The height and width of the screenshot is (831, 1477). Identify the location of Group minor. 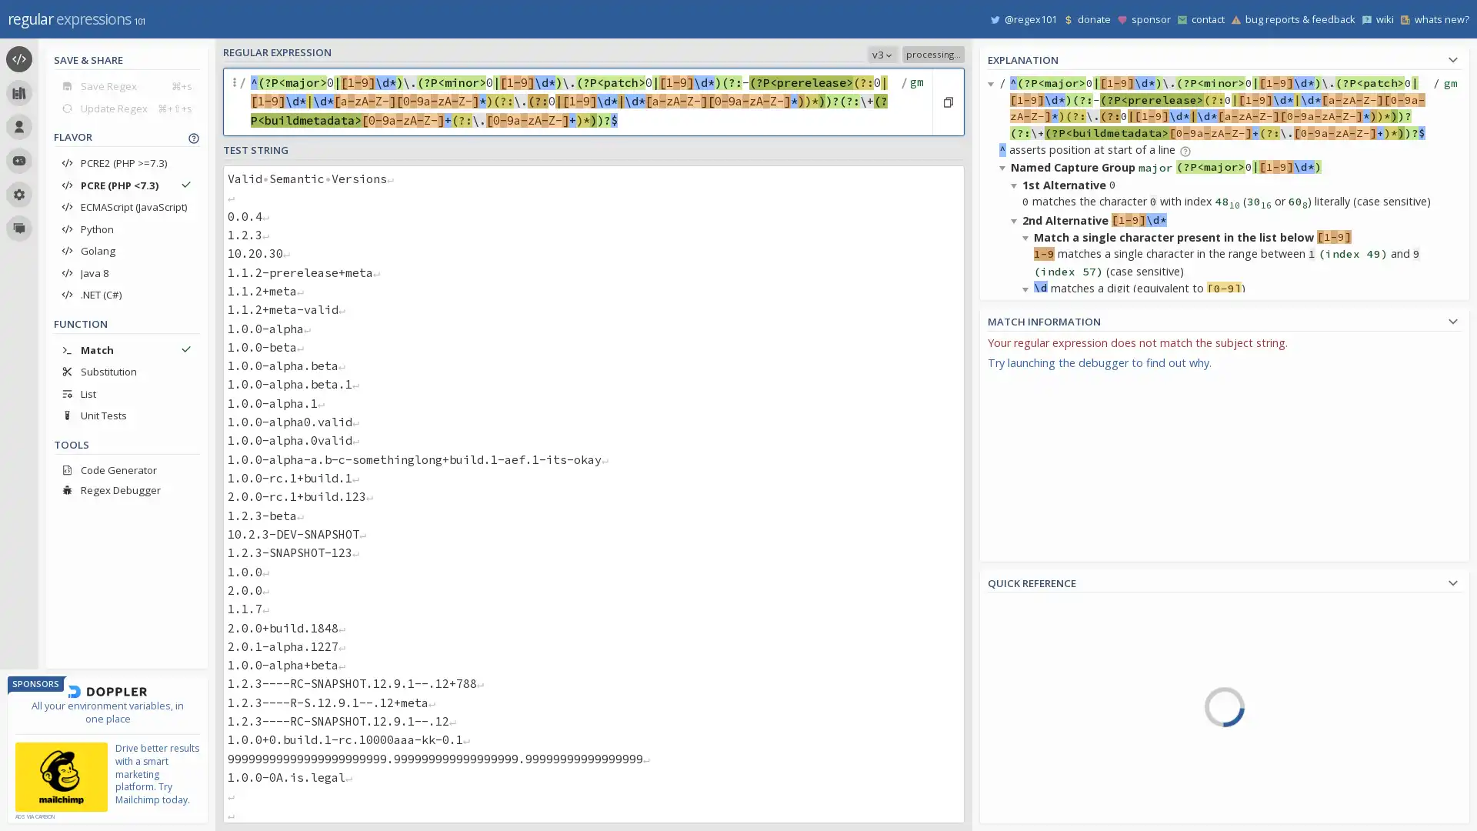
(1029, 536).